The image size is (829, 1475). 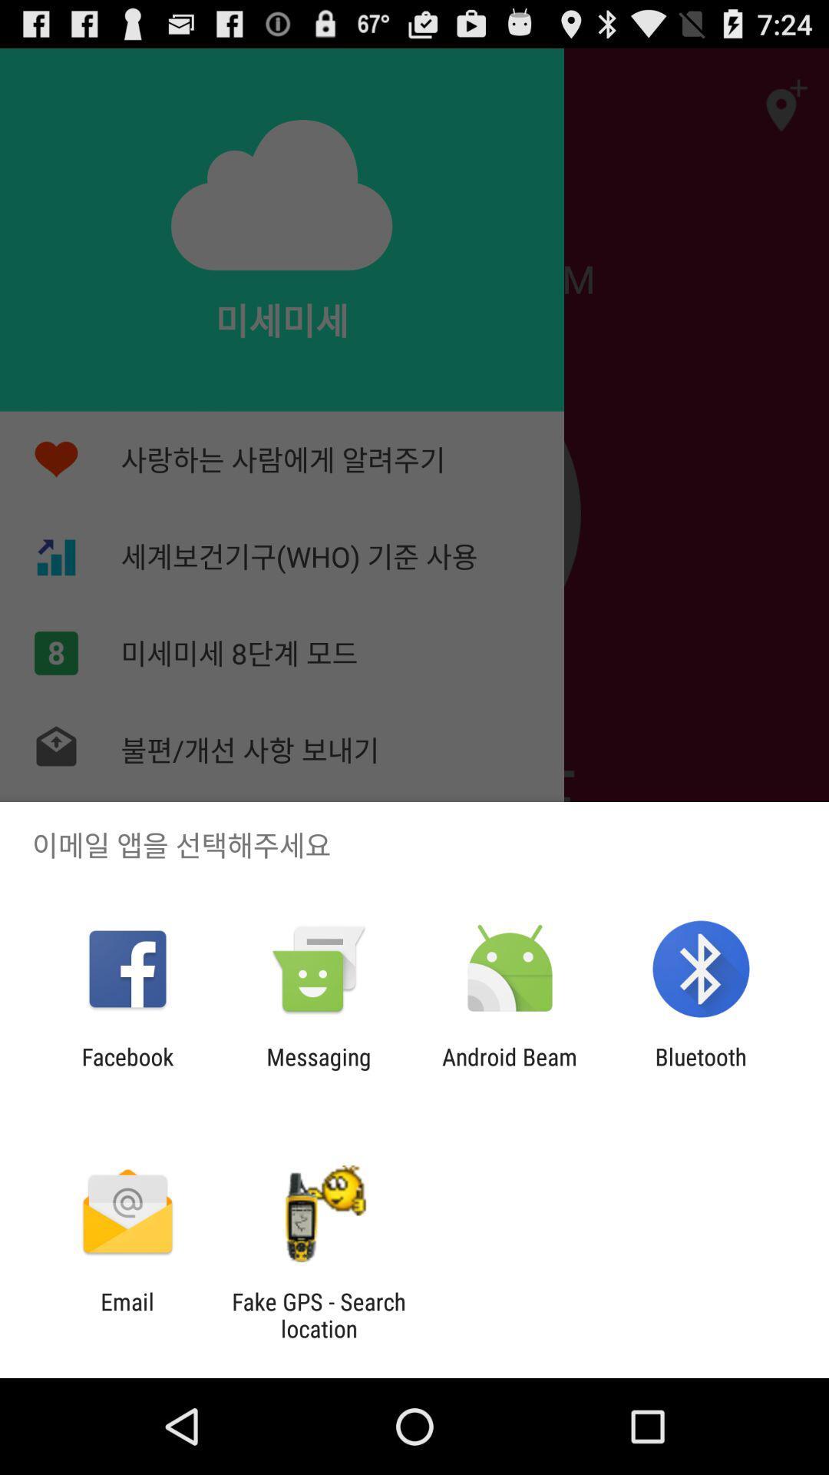 I want to click on icon to the left of messaging item, so click(x=127, y=1069).